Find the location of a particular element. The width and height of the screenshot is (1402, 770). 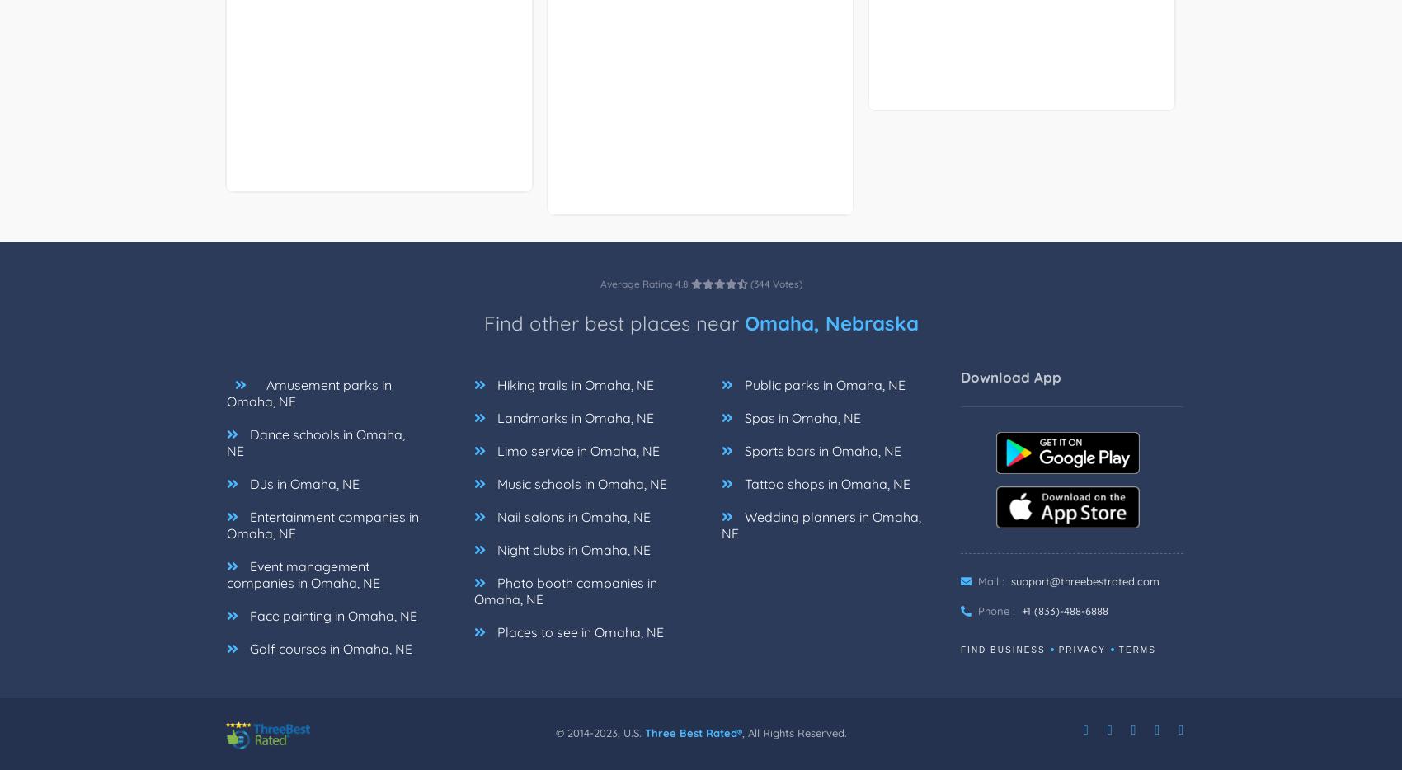

'Average Rating 4.8' is located at coordinates (599, 284).